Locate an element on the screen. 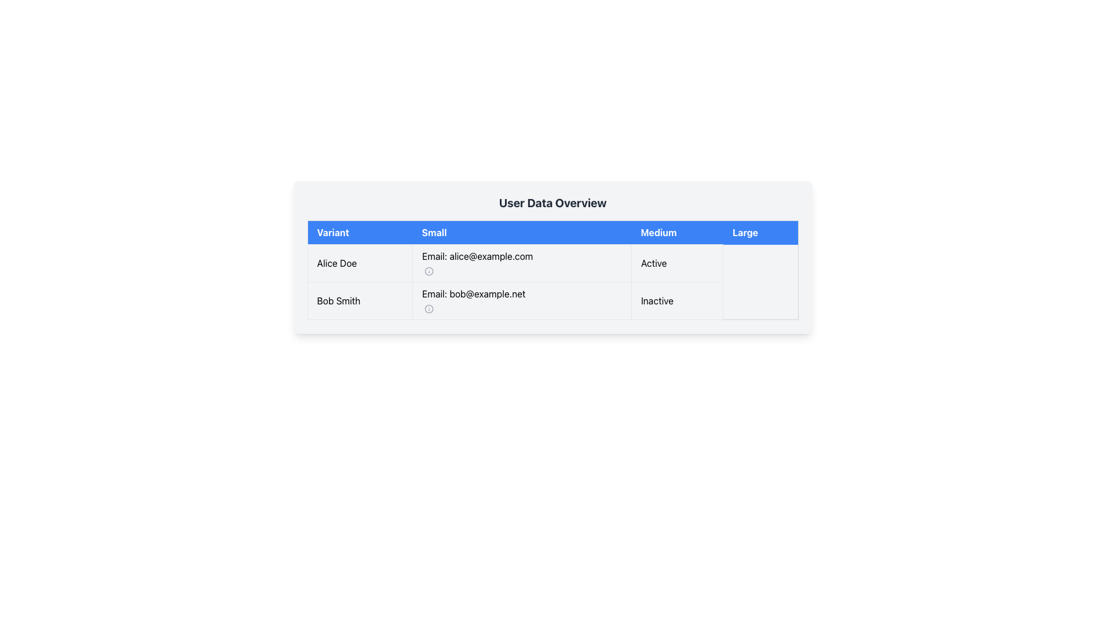 This screenshot has height=625, width=1112. email value displayed in the text label showing 'Email: bob@example.net' located in the second row of the 'User Data Overview' data table is located at coordinates (521, 300).